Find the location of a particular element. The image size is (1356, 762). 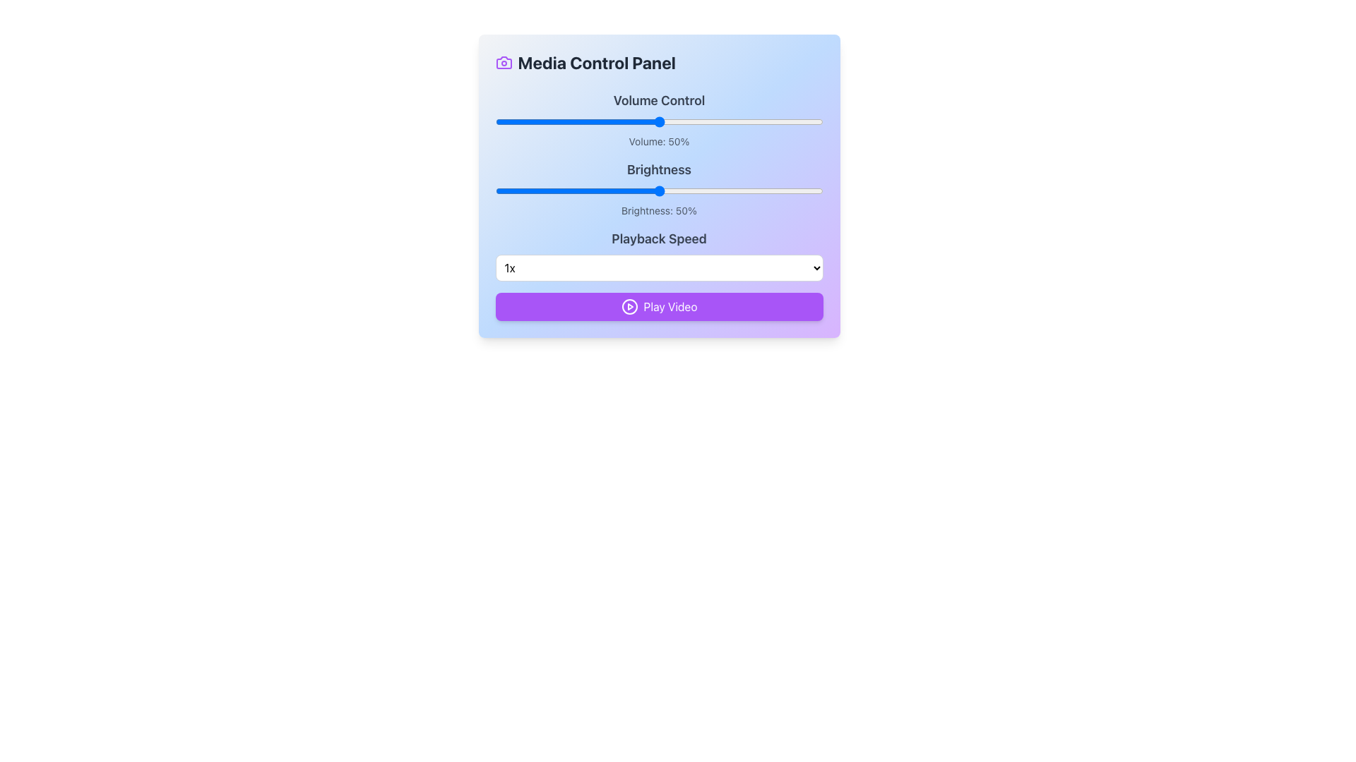

volume is located at coordinates (626, 121).